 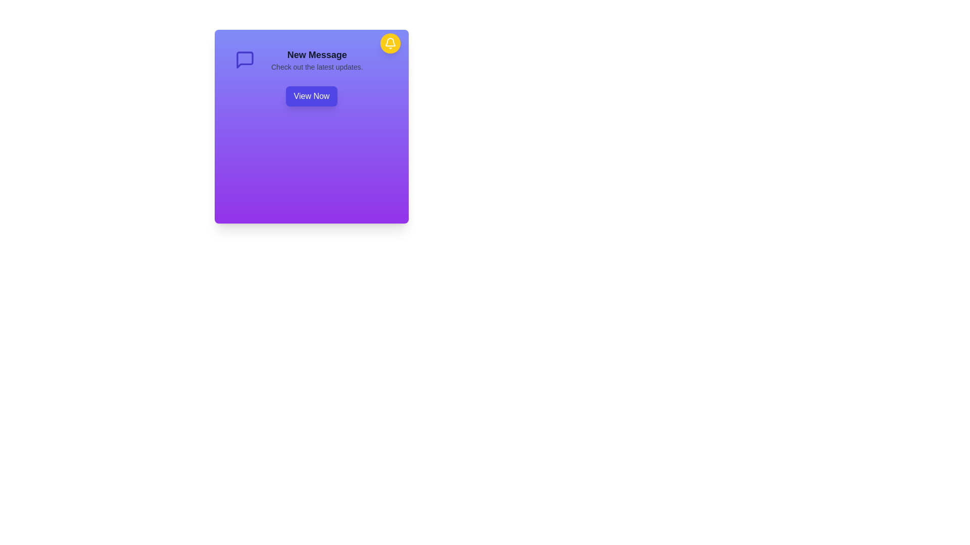 I want to click on the Notification panel displaying the title 'New Message' and description, located within a purple-gradient notification card, to draw attention to the associated 'View Now' button, so click(x=311, y=60).